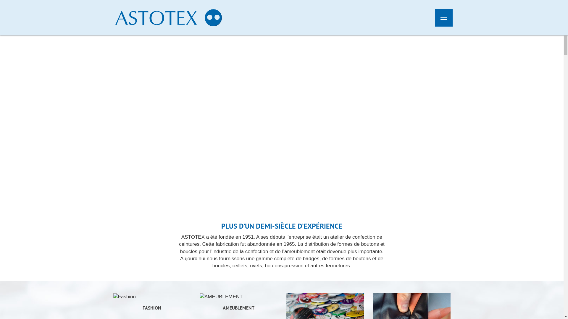 The image size is (568, 319). Describe the element at coordinates (168, 17) in the screenshot. I see `'Astotex'` at that location.